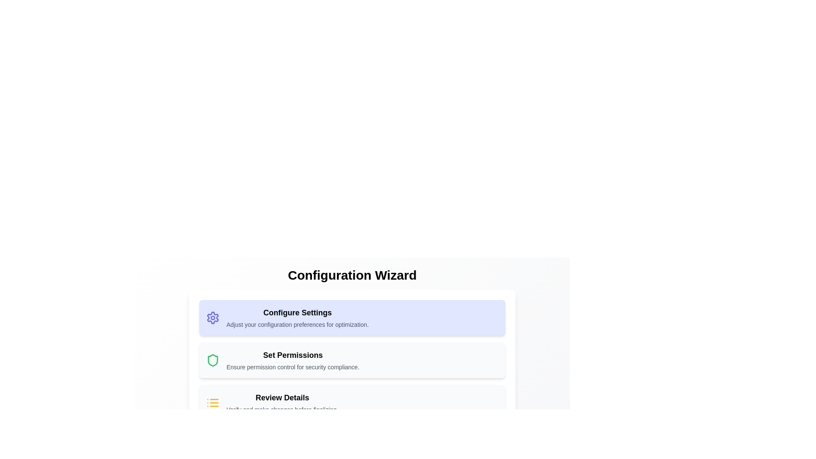  I want to click on text from the third card in the vertical list under 'Configuration Wizard', which serves as a navigational or informational header summarizing the next steps and providing additional context, so click(282, 402).